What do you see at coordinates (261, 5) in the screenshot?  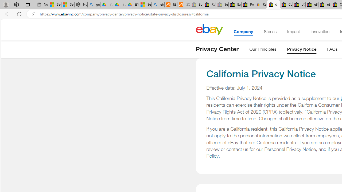 I see `'Register: Create a personal eBay account'` at bounding box center [261, 5].